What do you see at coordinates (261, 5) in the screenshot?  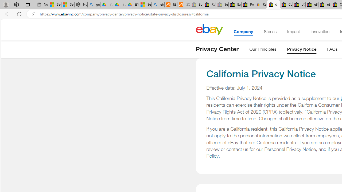 I see `'Register: Create a personal eBay account'` at bounding box center [261, 5].